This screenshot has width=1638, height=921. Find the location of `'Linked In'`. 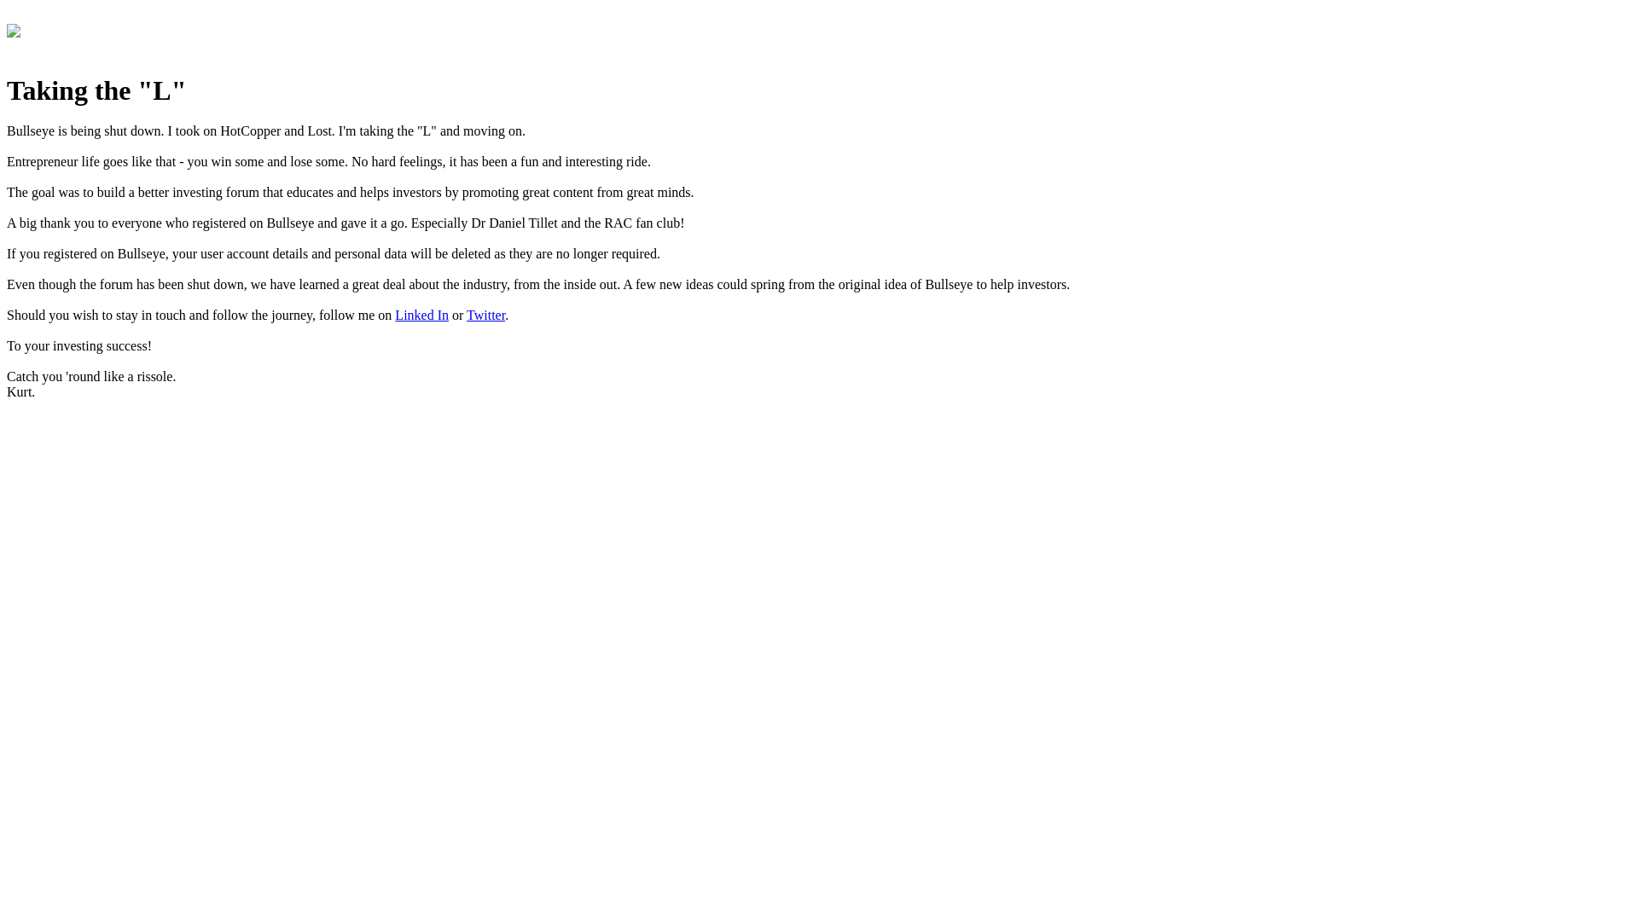

'Linked In' is located at coordinates (393, 315).